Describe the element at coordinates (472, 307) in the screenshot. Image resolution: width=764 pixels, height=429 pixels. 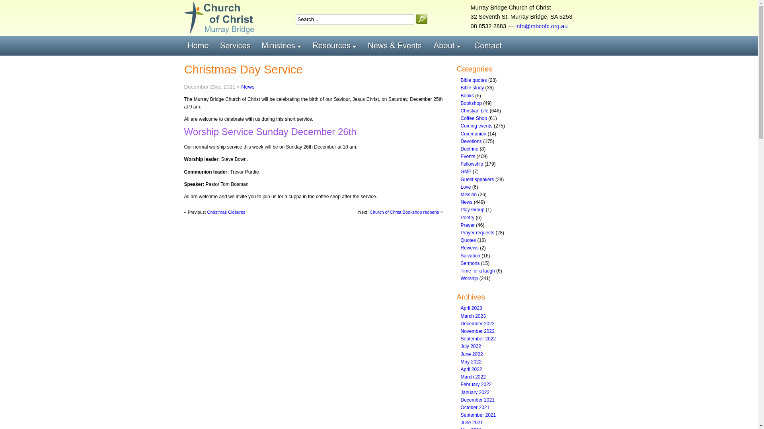
I see `'April 2023'` at that location.